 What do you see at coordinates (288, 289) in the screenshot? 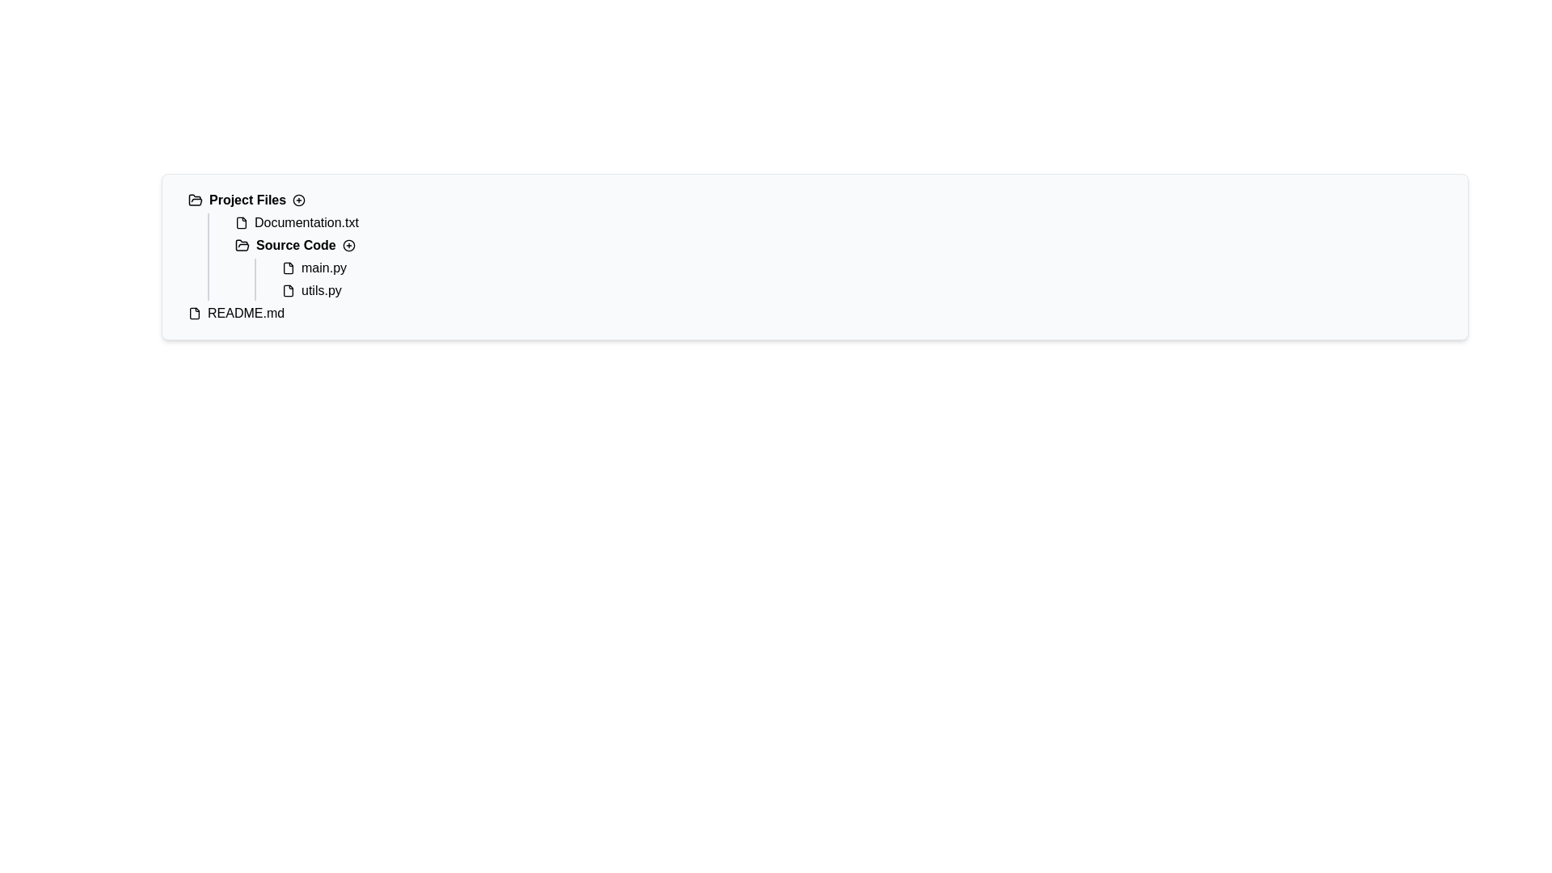
I see `the document icon located to the left of the text 'utils.py' in the file tree` at bounding box center [288, 289].